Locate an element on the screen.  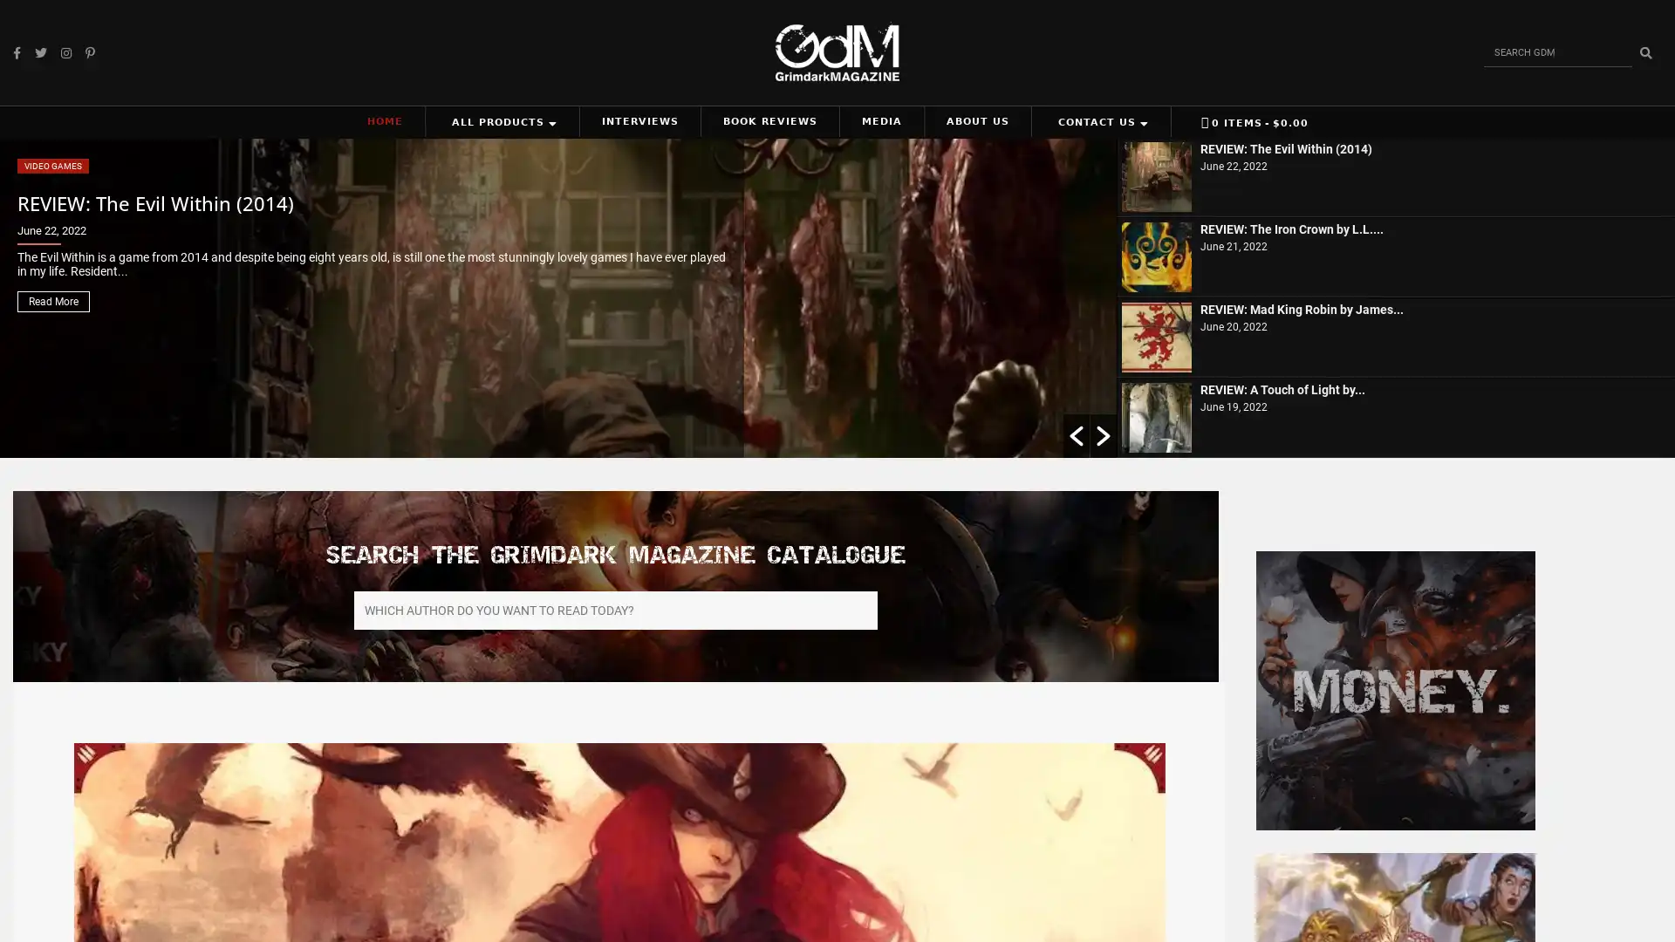
Search is located at coordinates (1644, 51).